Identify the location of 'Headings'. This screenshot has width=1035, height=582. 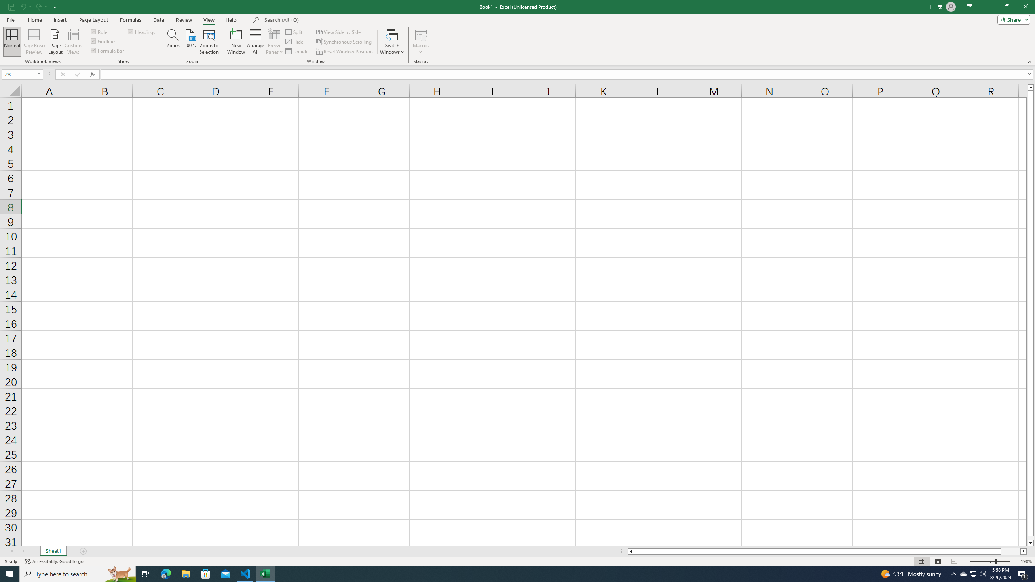
(142, 31).